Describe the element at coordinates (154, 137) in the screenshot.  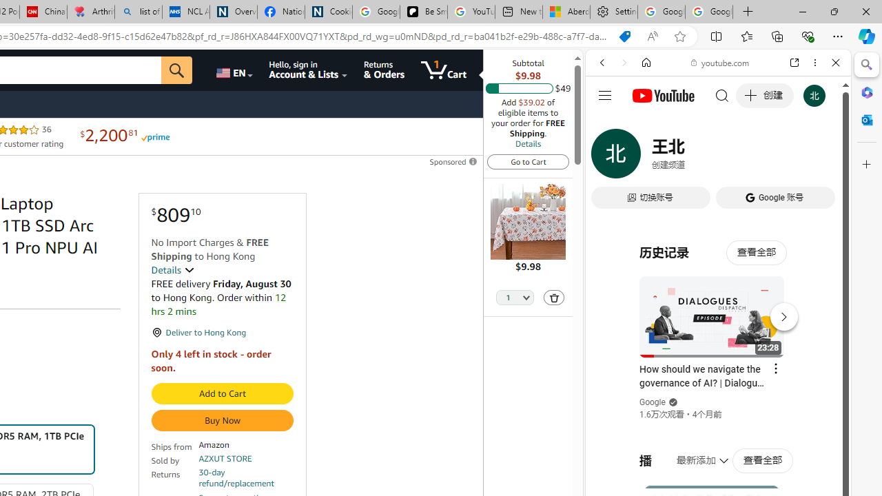
I see `'Prime'` at that location.